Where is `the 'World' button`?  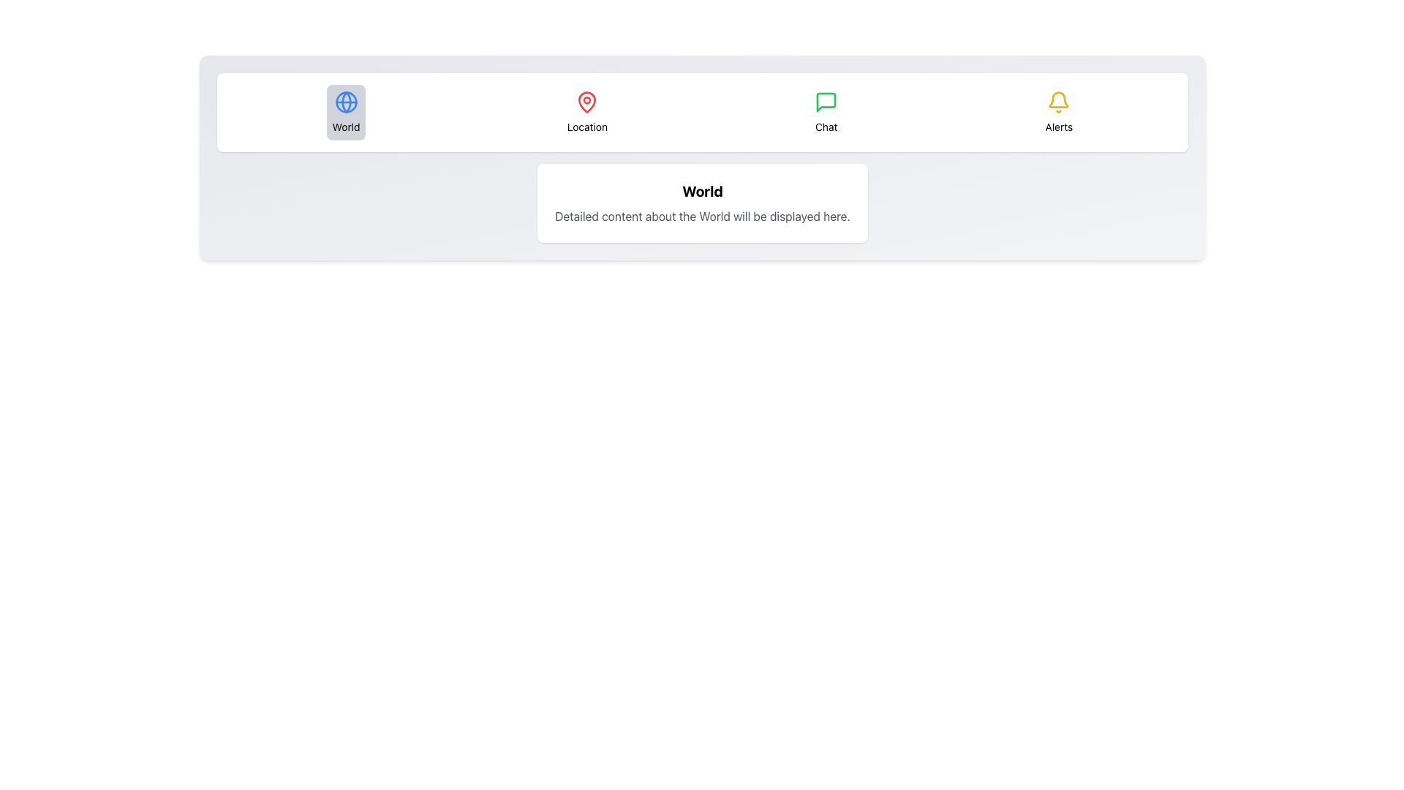 the 'World' button is located at coordinates (345, 112).